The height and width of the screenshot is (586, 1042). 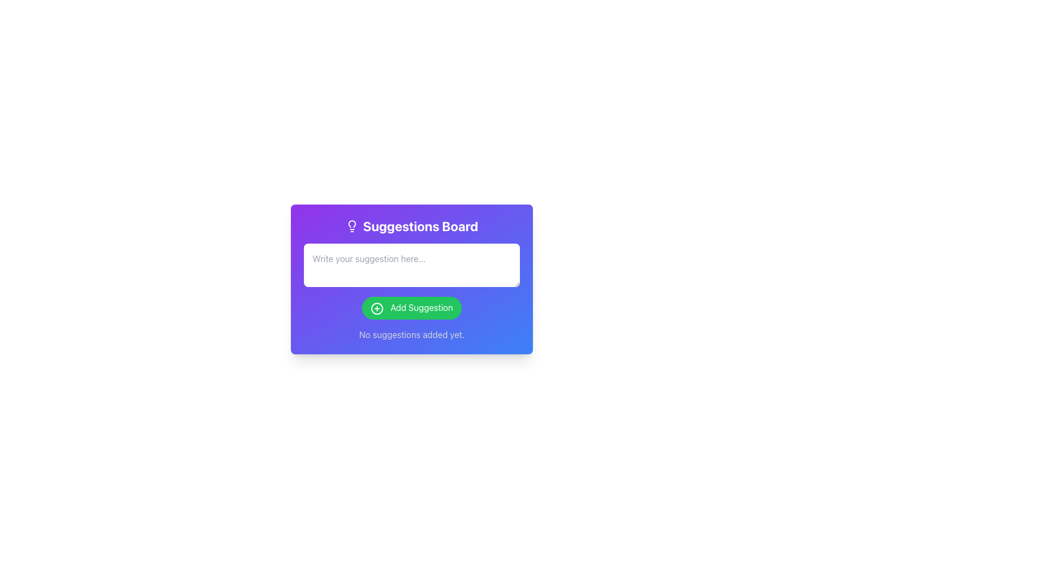 What do you see at coordinates (411, 280) in the screenshot?
I see `the text input field with the placeholder 'Write your suggestion here...' located in the 'Suggestions Board' card` at bounding box center [411, 280].